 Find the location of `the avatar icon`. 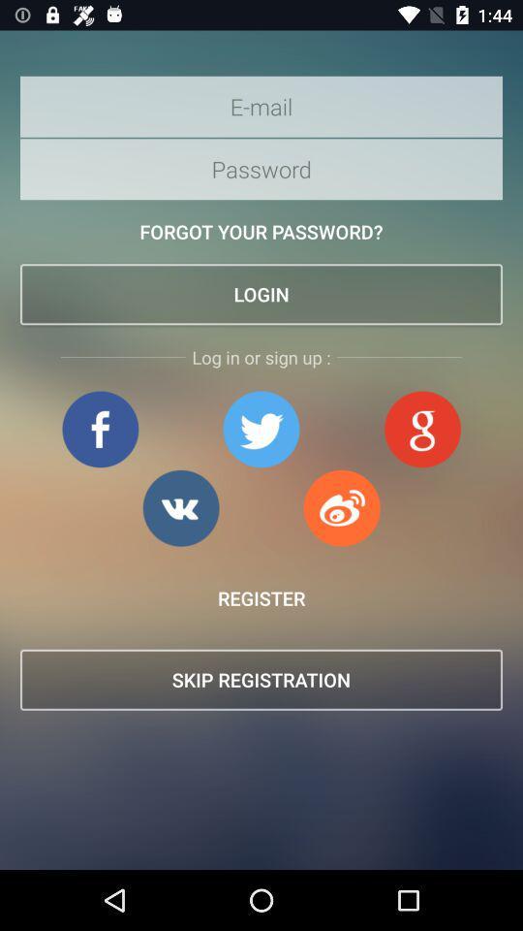

the avatar icon is located at coordinates (421, 429).